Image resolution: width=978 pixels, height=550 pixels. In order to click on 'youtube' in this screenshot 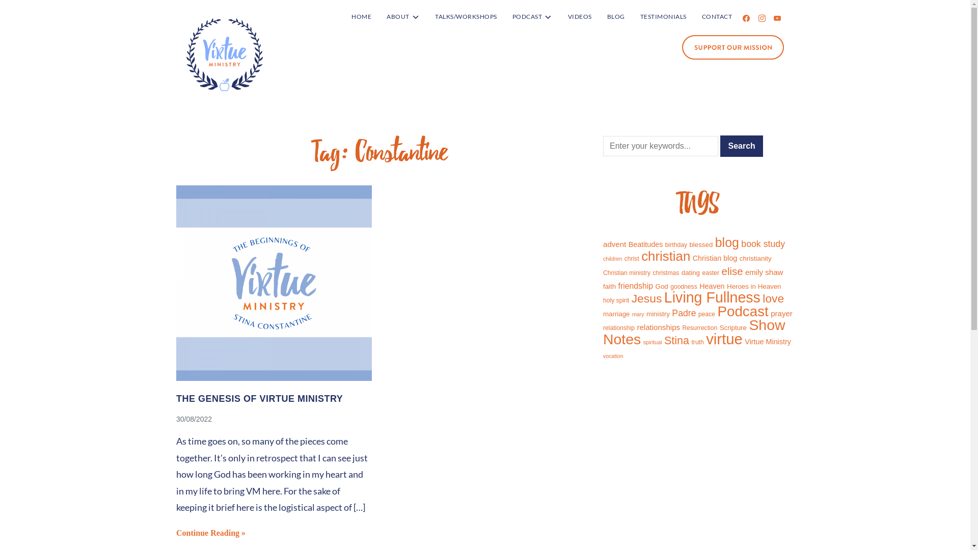, I will do `click(777, 17)`.